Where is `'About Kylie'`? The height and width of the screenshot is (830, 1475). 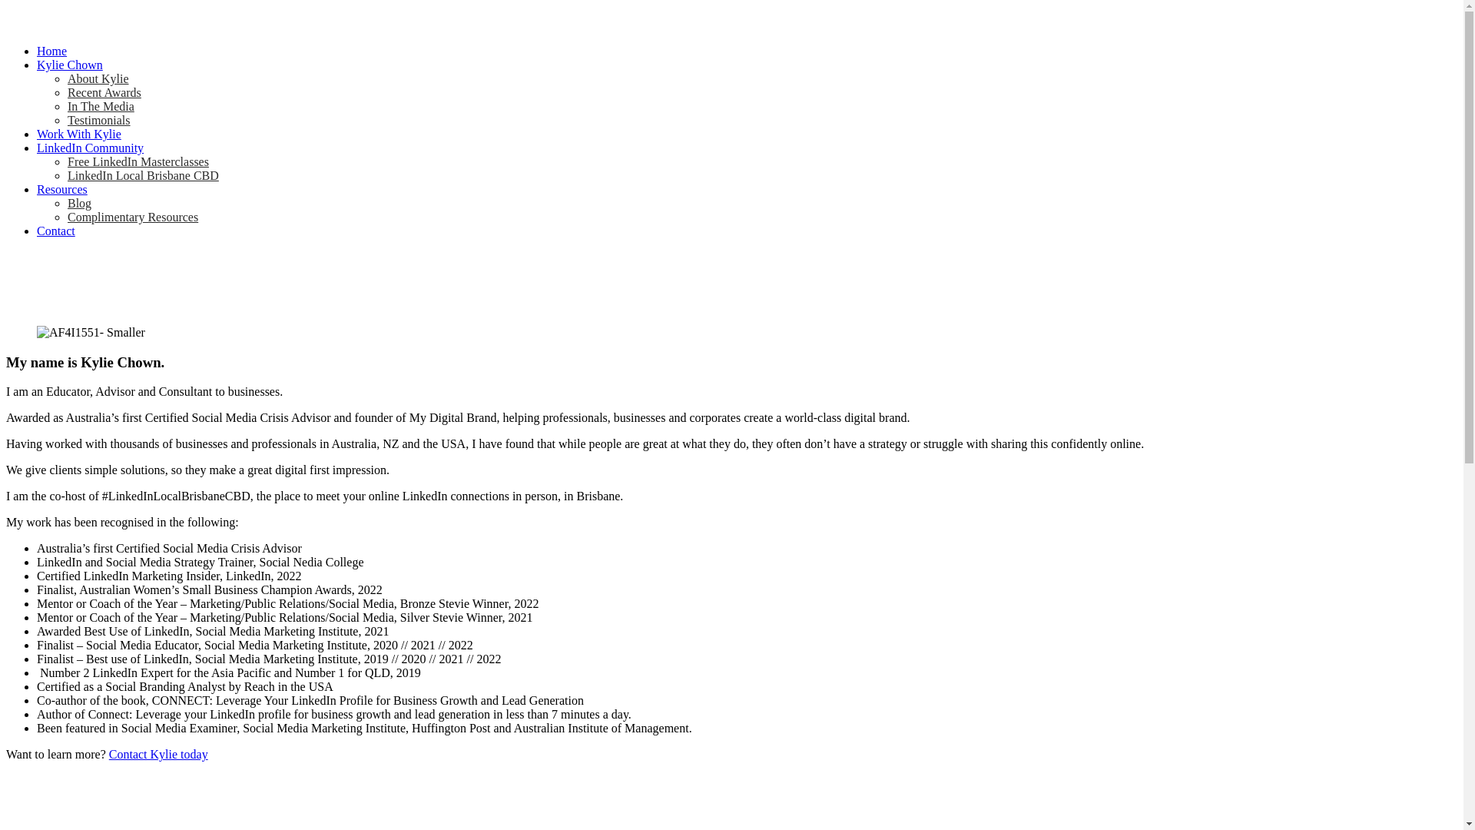
'About Kylie' is located at coordinates (98, 78).